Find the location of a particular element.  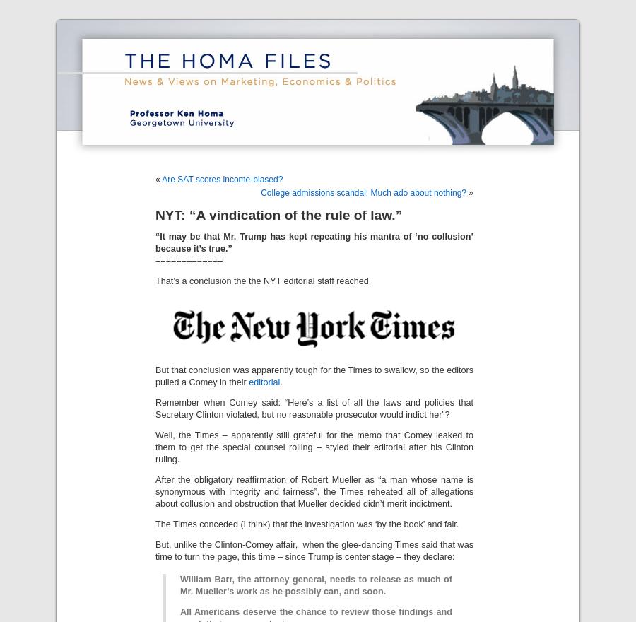

'“It may be that Mr. Trump has kept repeating his mantra of ‘no collusion’ because it’s true.”' is located at coordinates (155, 242).